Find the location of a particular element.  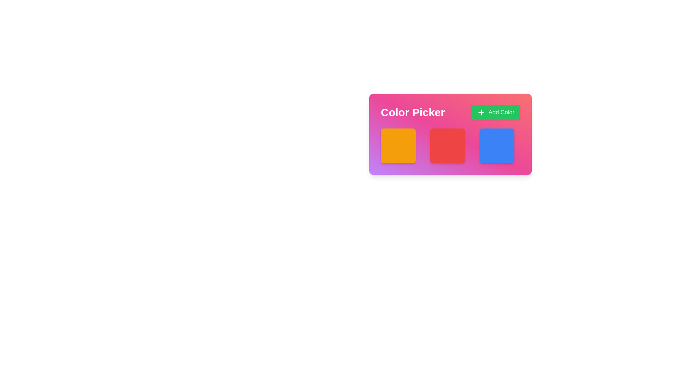

the first square-shaped button with a bright orange background in the color-picker interface is located at coordinates (400, 146).